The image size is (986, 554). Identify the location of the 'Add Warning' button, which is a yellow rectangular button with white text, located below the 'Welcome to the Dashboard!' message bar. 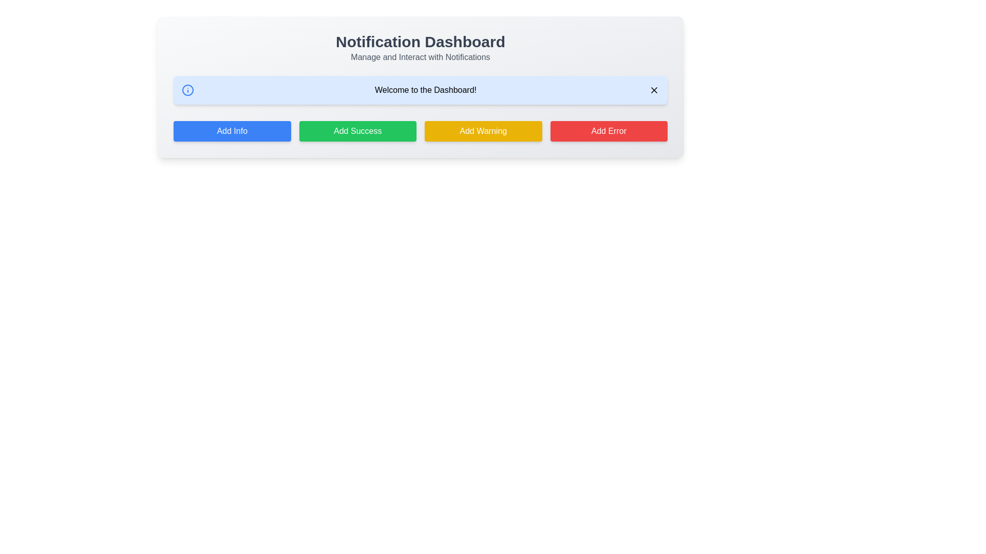
(483, 130).